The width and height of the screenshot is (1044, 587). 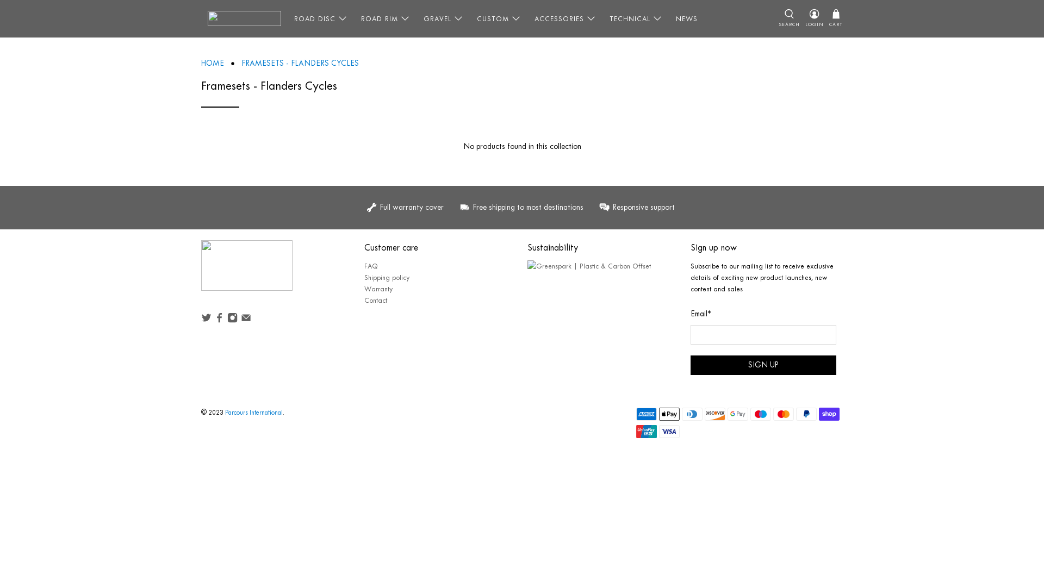 What do you see at coordinates (835, 18) in the screenshot?
I see `'CART'` at bounding box center [835, 18].